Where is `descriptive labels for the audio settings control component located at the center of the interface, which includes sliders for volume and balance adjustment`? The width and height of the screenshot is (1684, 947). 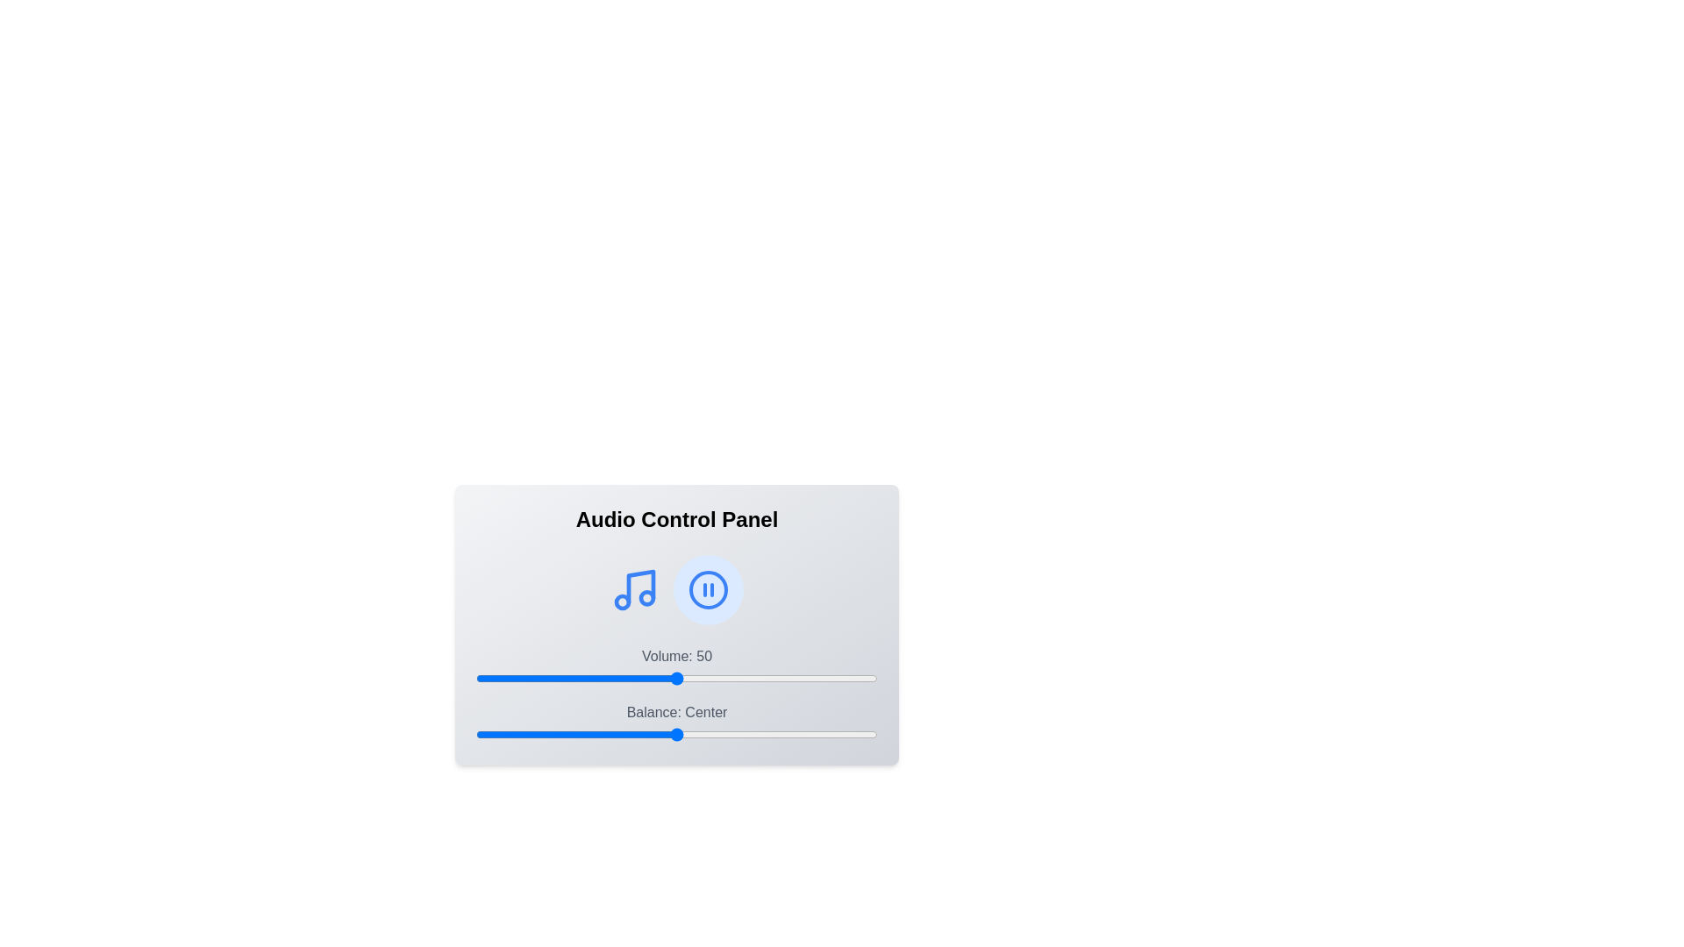 descriptive labels for the audio settings control component located at the center of the interface, which includes sliders for volume and balance adjustment is located at coordinates (676, 662).